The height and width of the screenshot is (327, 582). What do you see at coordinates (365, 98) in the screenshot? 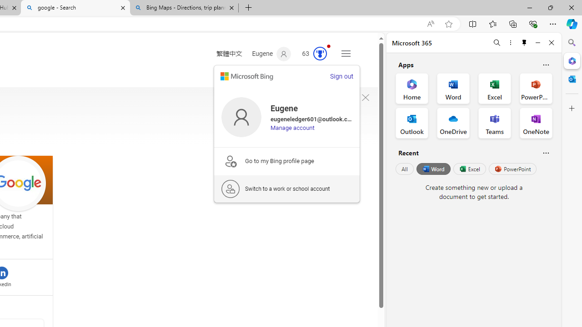
I see `'To get missing image descriptions, open the context menu.'` at bounding box center [365, 98].